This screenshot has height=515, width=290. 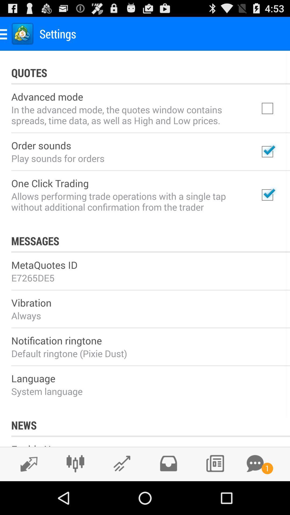 What do you see at coordinates (26, 496) in the screenshot?
I see `the edit icon` at bounding box center [26, 496].